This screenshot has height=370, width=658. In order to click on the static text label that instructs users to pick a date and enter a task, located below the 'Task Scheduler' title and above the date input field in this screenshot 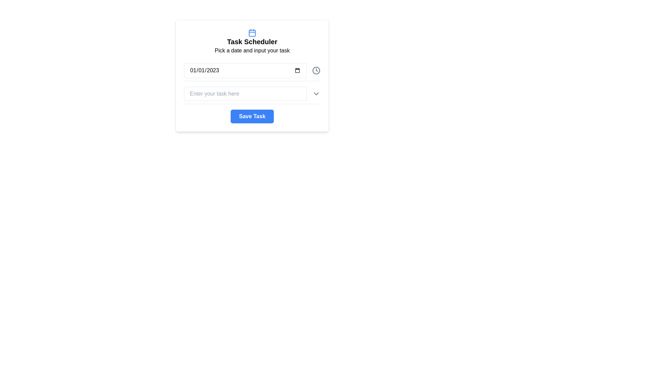, I will do `click(252, 50)`.